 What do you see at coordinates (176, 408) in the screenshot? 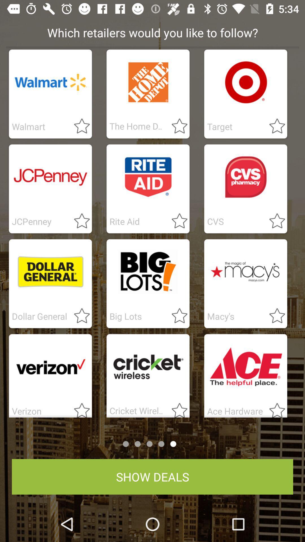
I see `follow a retailer` at bounding box center [176, 408].